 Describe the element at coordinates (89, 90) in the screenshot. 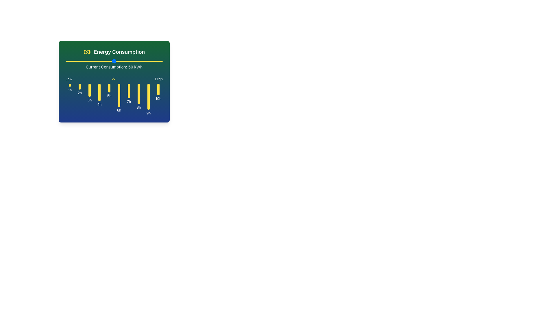

I see `the Indicator Bar that visually represents energy consumption for the 3-hour time period, located in the 'Energy Consumption' section and aligned with the '3h' label` at that location.